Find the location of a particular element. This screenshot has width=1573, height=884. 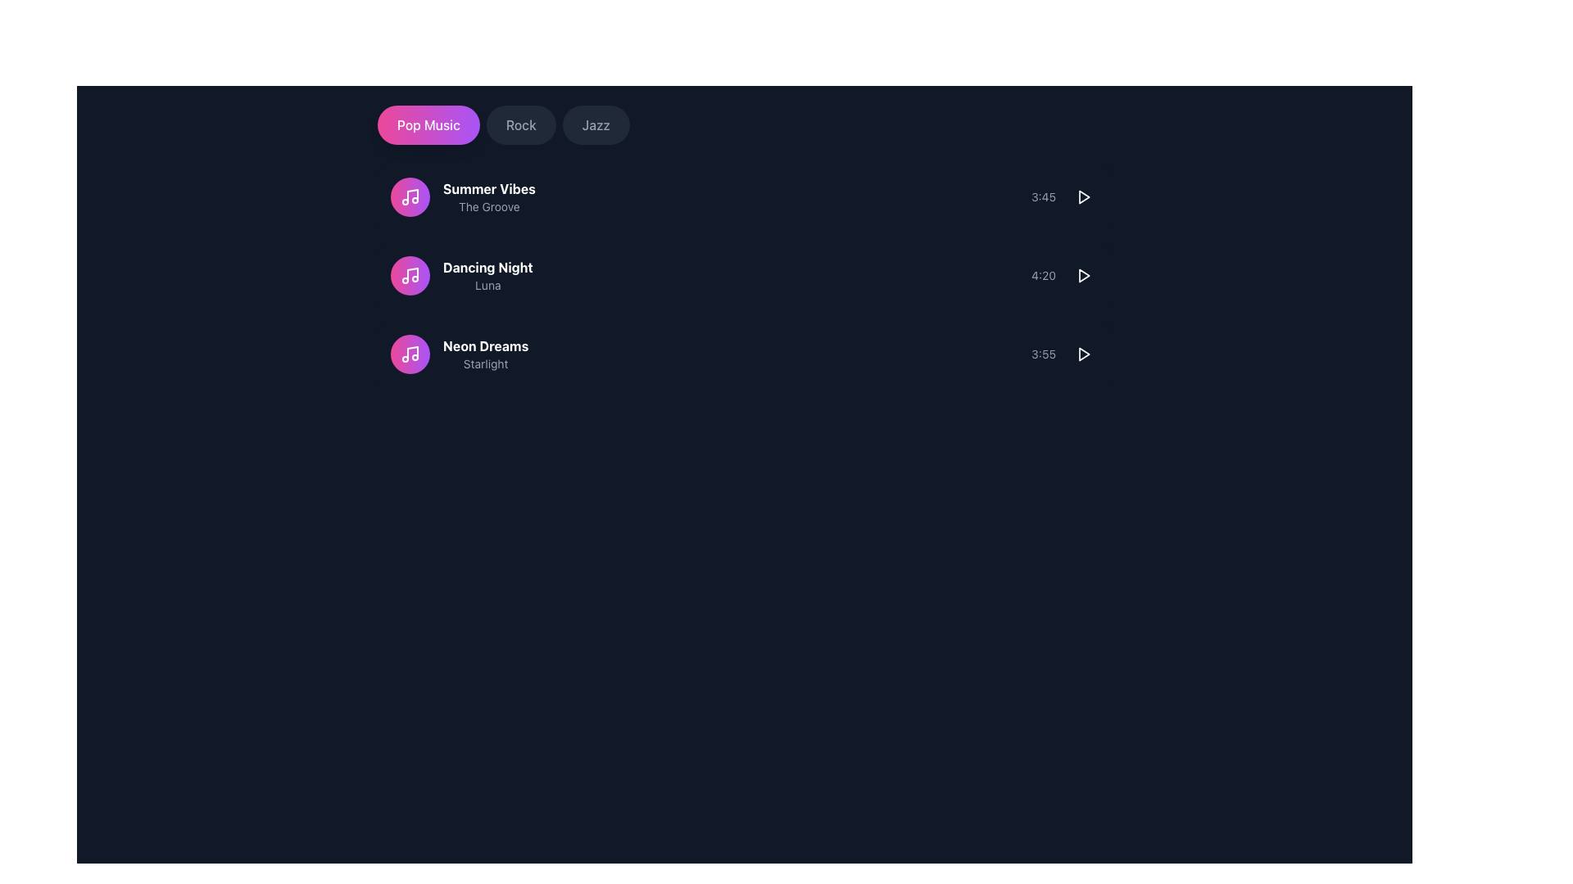

the descriptive text label displaying 'Luna' located below the bold 'Dancing Night' text is located at coordinates (487, 284).